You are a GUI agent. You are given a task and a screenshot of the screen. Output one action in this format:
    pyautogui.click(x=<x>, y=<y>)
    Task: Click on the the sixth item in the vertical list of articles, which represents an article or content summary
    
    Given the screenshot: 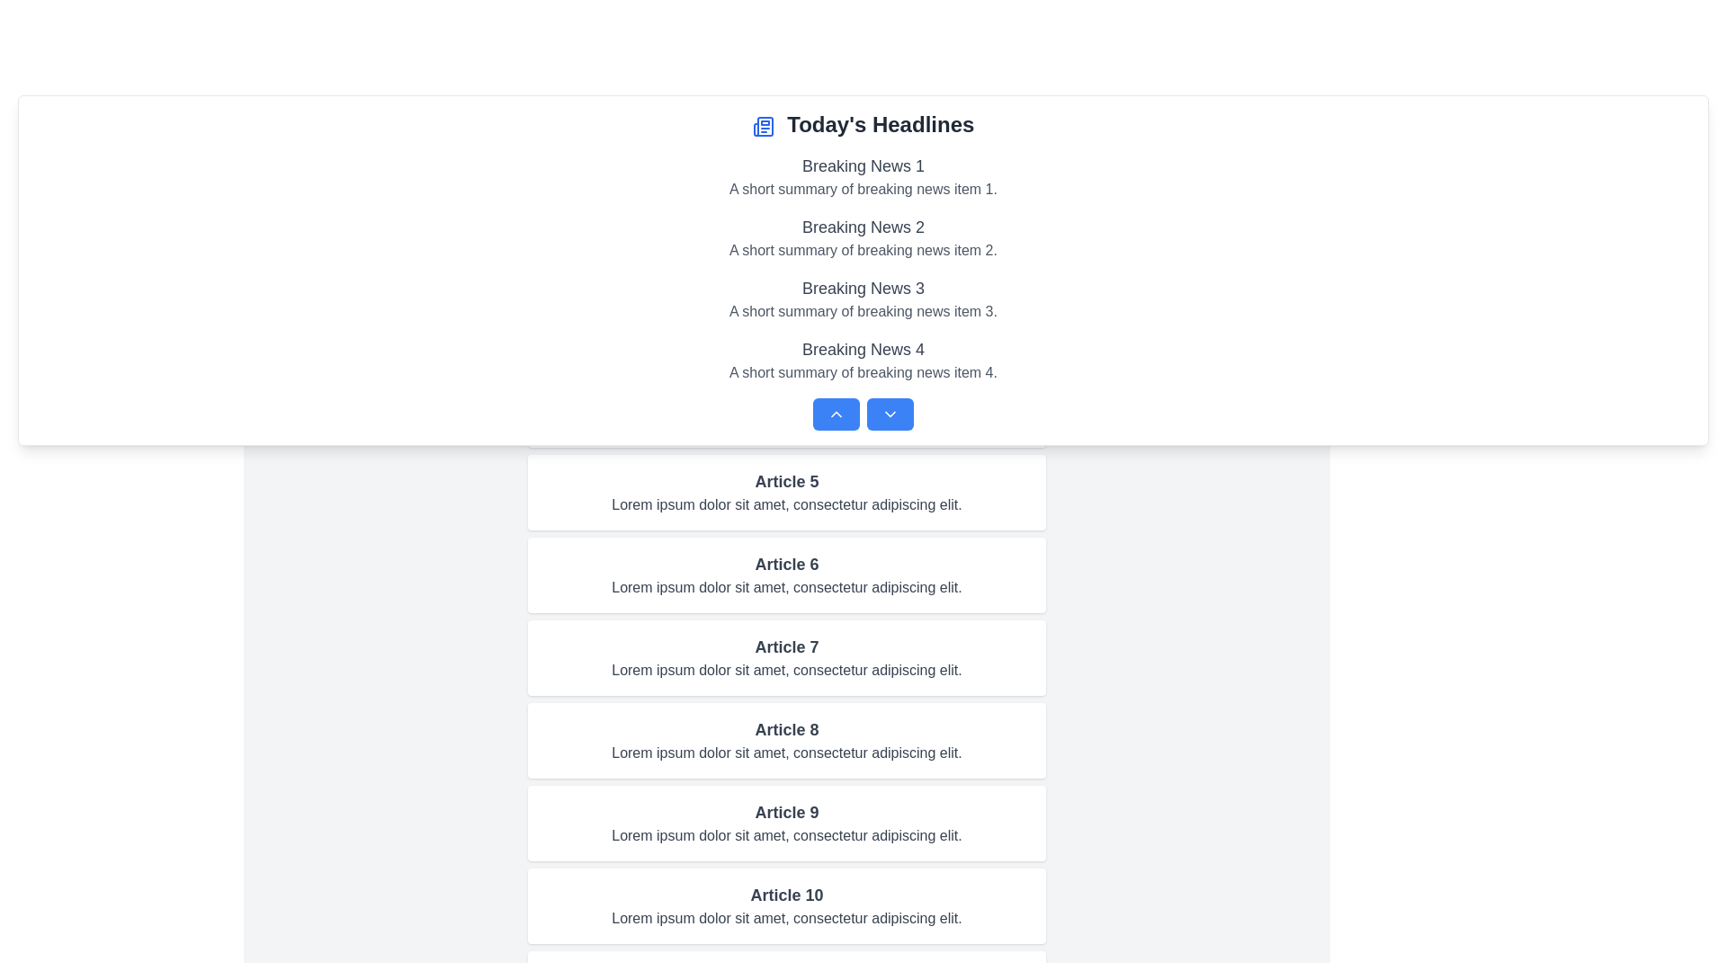 What is the action you would take?
    pyautogui.click(x=786, y=575)
    